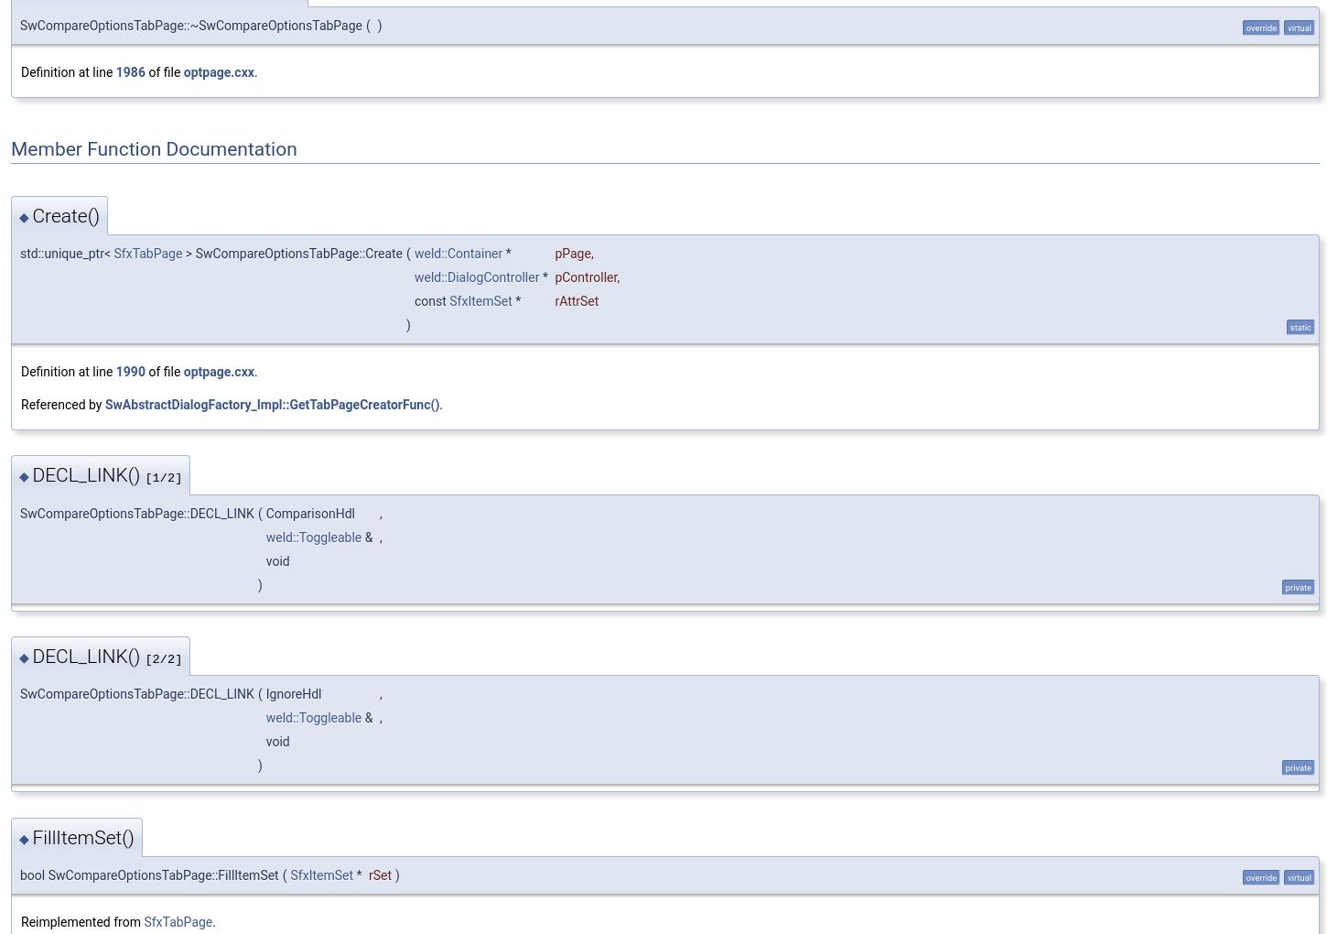 This screenshot has width=1327, height=934. Describe the element at coordinates (311, 512) in the screenshot. I see `'ComparisonHdl'` at that location.